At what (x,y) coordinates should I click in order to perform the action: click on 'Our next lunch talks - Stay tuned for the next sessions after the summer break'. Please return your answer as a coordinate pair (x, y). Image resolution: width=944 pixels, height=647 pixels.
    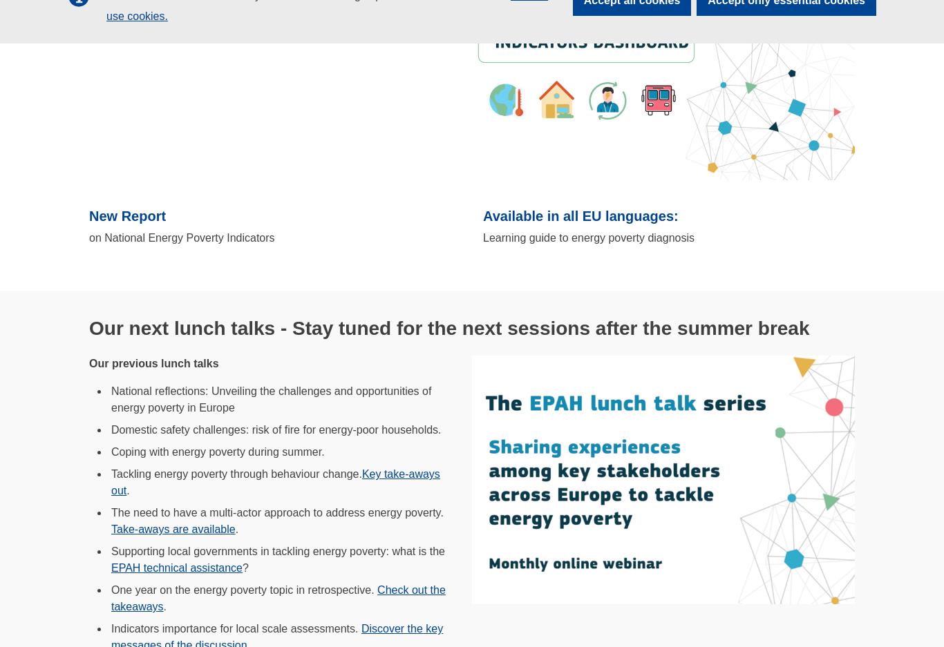
    Looking at the image, I should click on (448, 328).